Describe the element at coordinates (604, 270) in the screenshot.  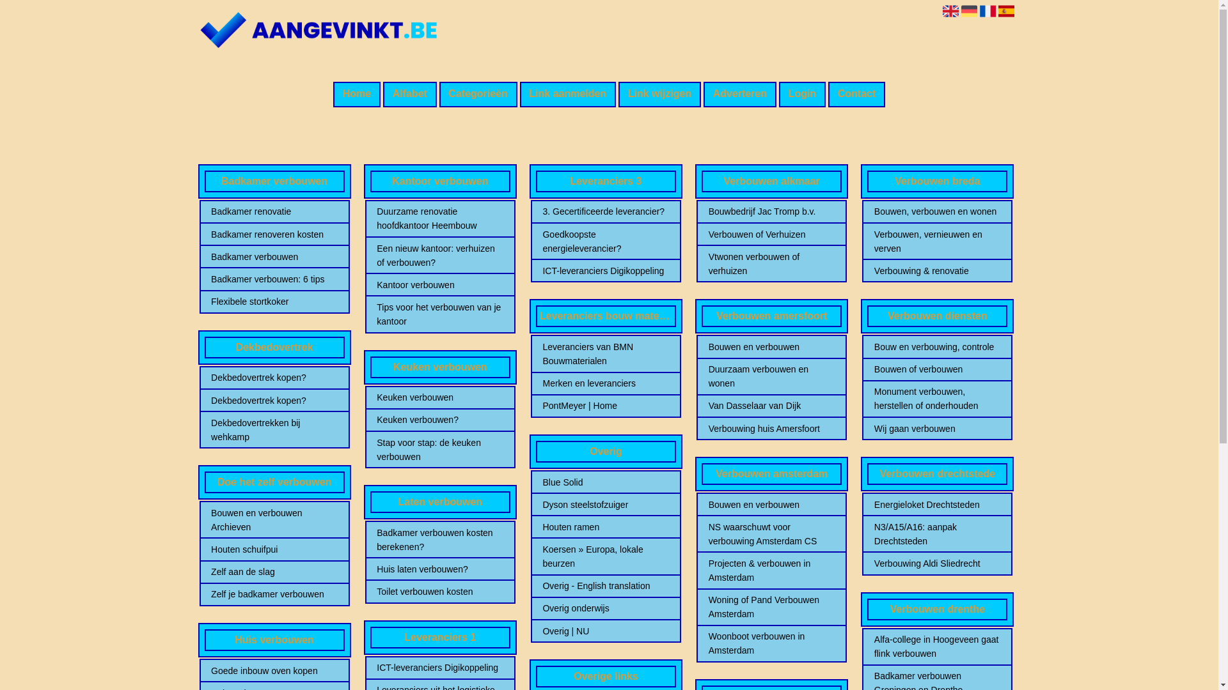
I see `'ICT-leveranciers Digikoppeling'` at that location.